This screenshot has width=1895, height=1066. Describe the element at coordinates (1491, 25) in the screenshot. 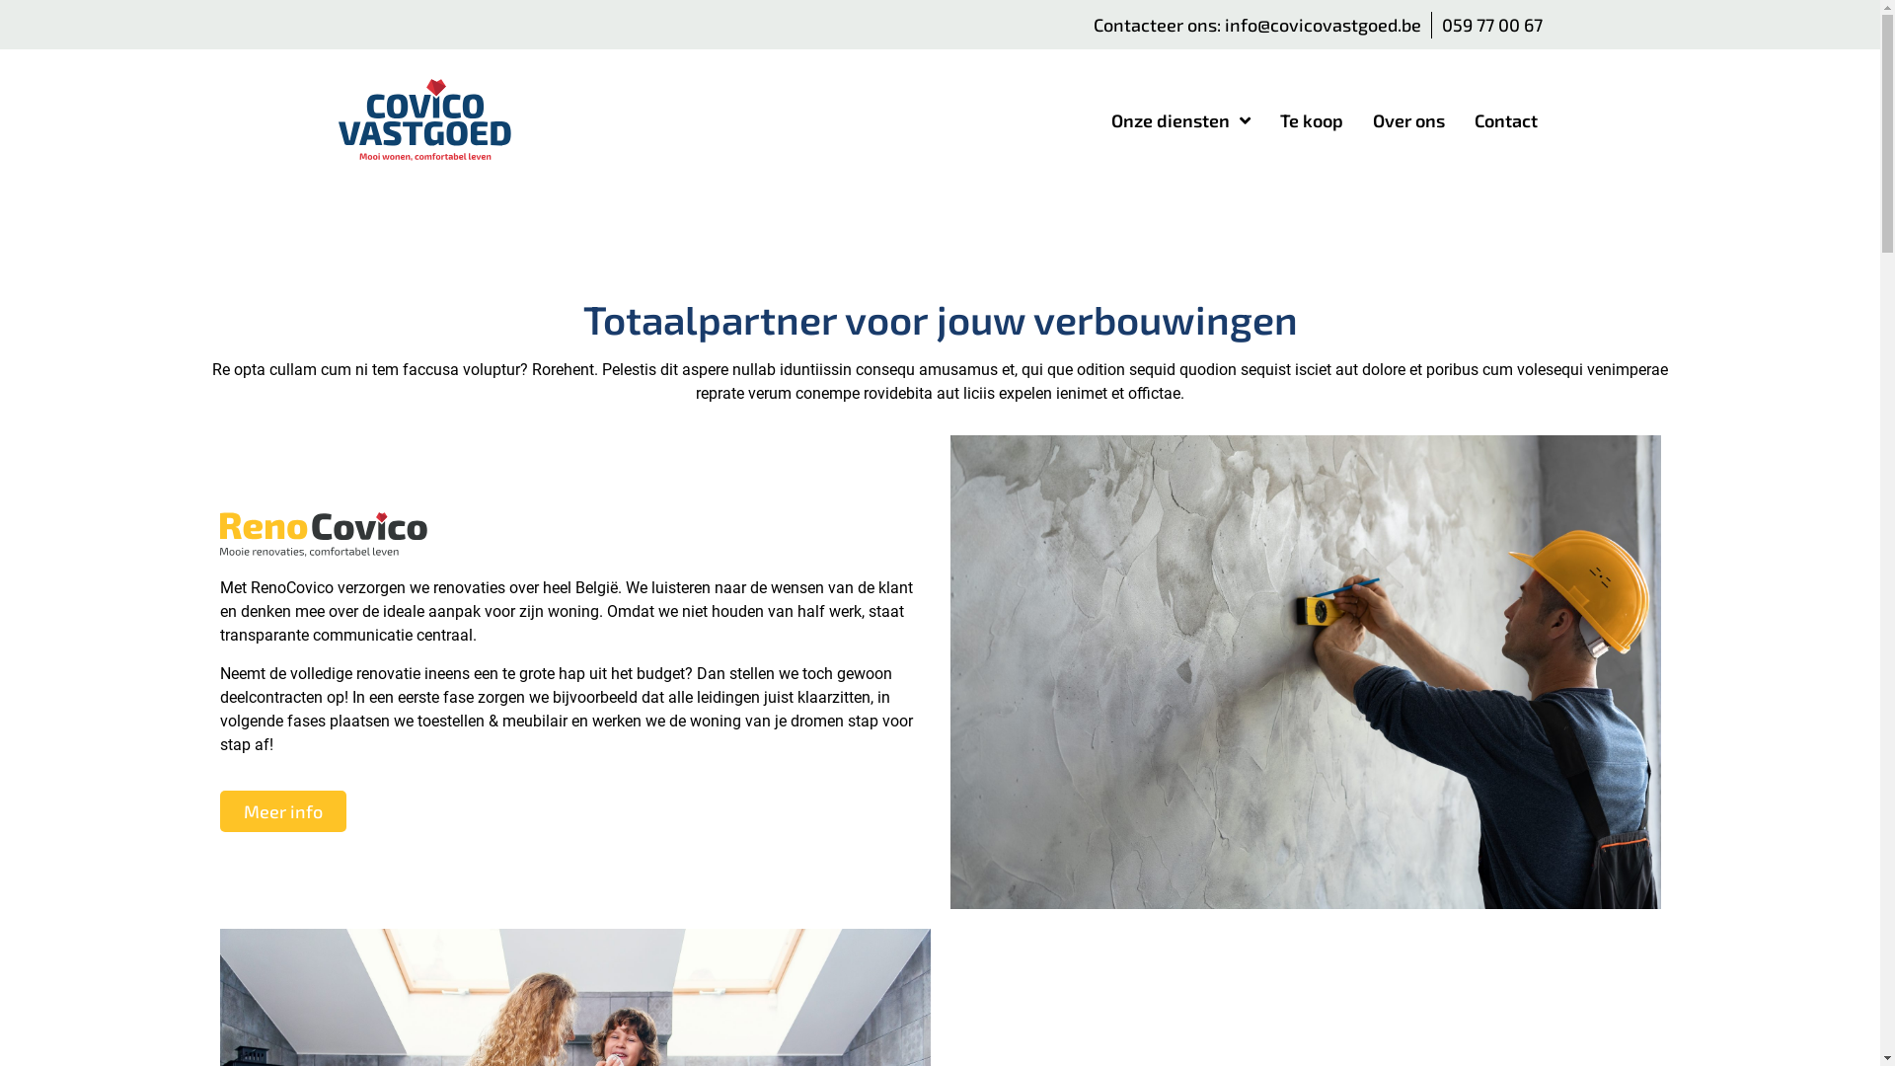

I see `'059 77 00 67'` at that location.